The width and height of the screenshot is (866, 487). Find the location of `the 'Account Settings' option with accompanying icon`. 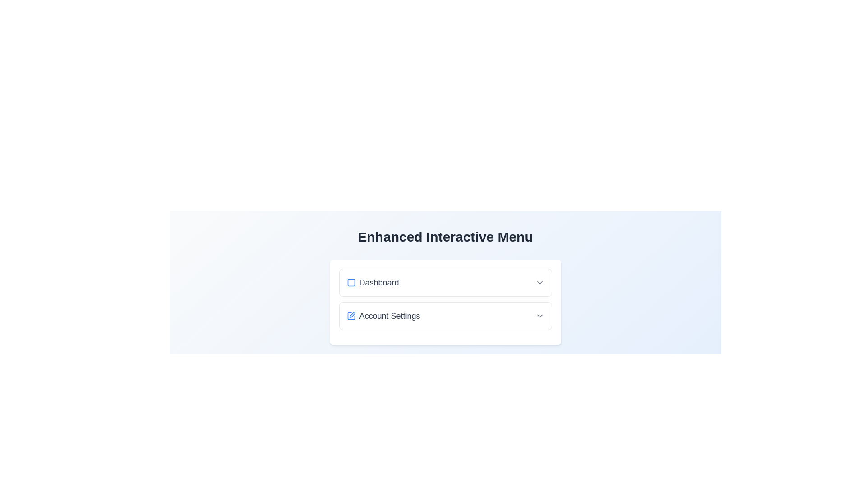

the 'Account Settings' option with accompanying icon is located at coordinates (383, 316).